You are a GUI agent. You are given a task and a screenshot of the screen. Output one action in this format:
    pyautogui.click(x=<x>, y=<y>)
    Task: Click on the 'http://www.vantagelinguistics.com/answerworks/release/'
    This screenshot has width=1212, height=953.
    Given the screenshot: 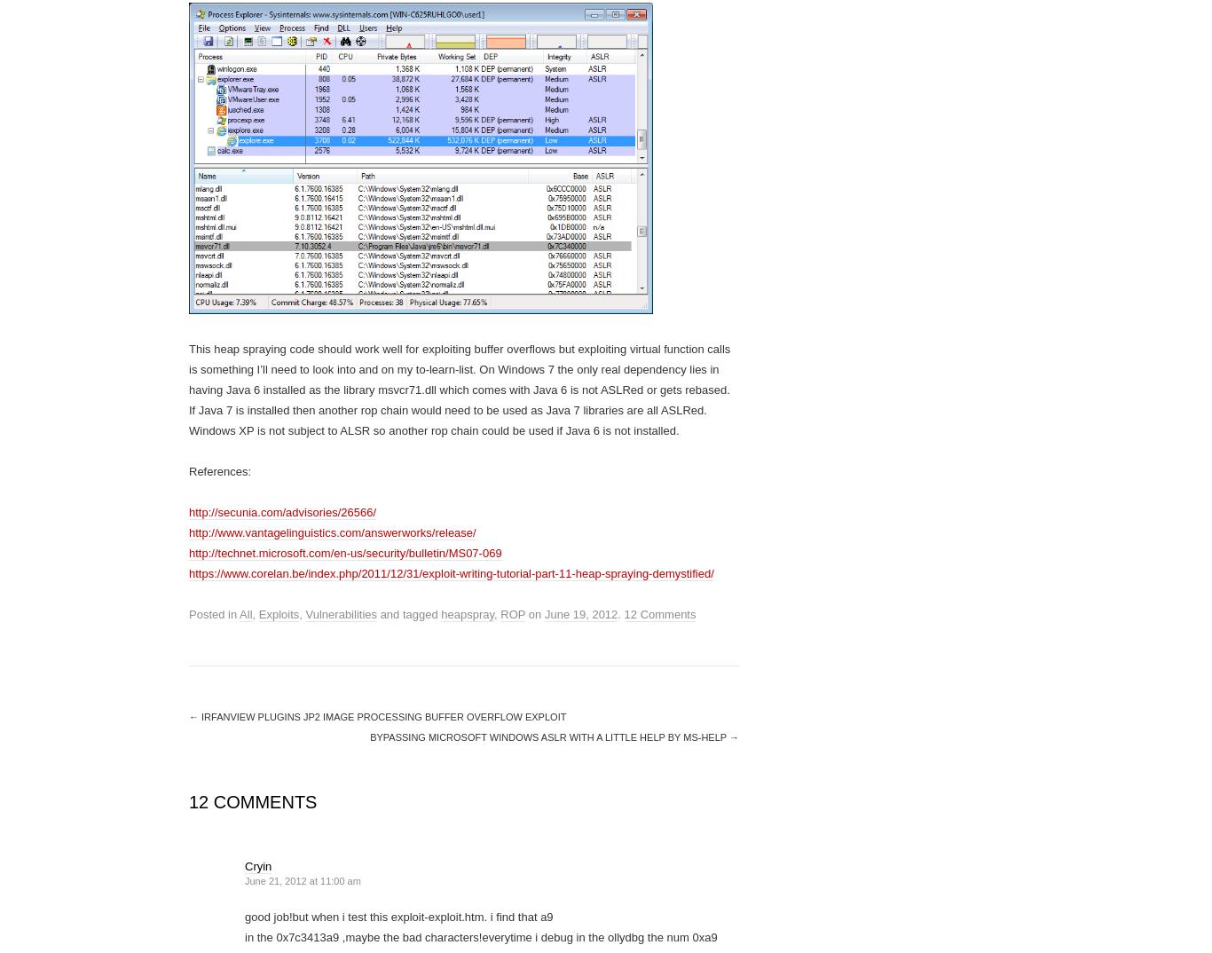 What is the action you would take?
    pyautogui.click(x=331, y=532)
    